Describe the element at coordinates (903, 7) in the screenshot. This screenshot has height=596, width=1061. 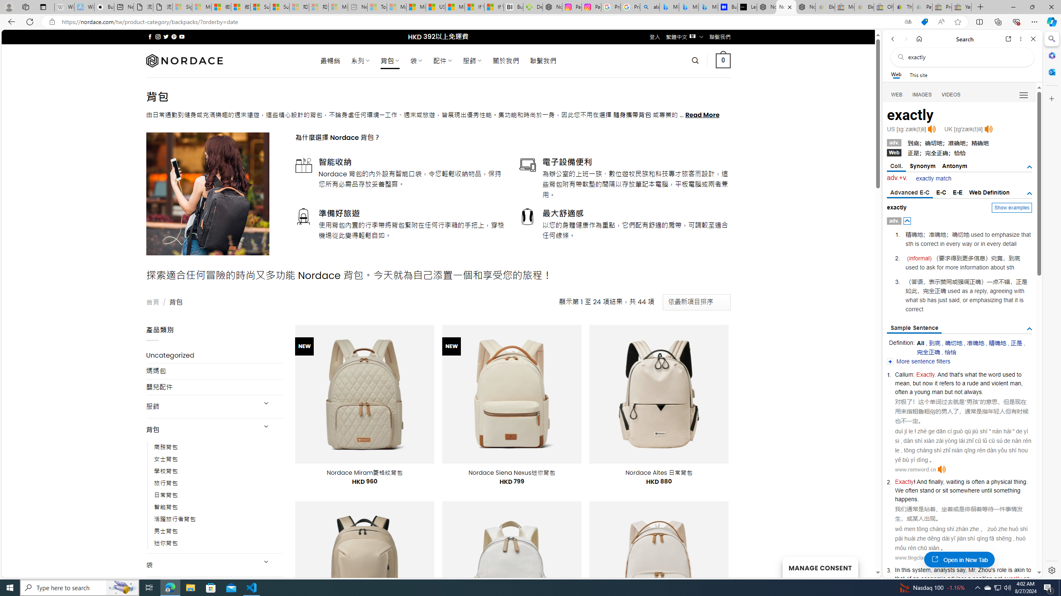
I see `'Threats and offensive language policy | eBay'` at that location.